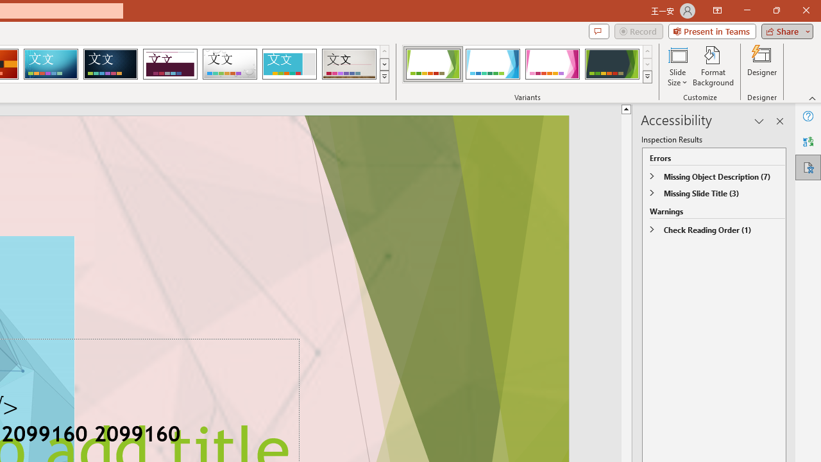 This screenshot has width=821, height=462. I want to click on 'Facet Variant 1', so click(433, 64).